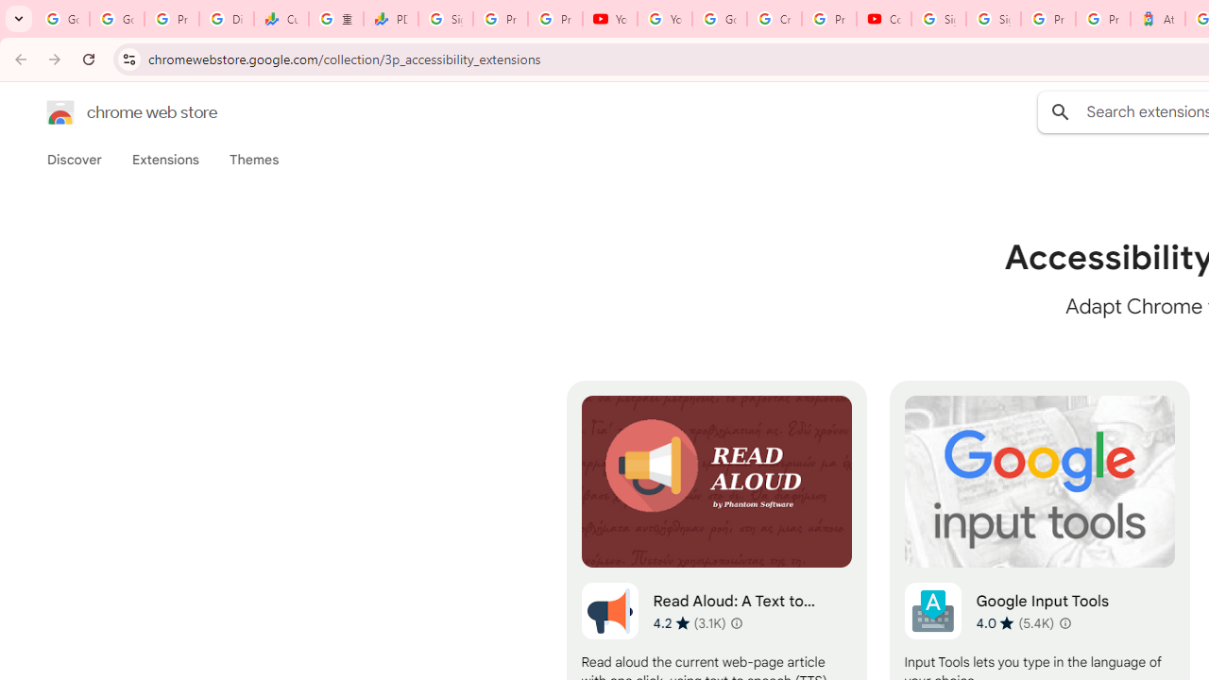 The height and width of the screenshot is (680, 1209). What do you see at coordinates (689, 622) in the screenshot?
I see `'Average rating 4.2 out of 5 stars. 3.1K ratings.'` at bounding box center [689, 622].